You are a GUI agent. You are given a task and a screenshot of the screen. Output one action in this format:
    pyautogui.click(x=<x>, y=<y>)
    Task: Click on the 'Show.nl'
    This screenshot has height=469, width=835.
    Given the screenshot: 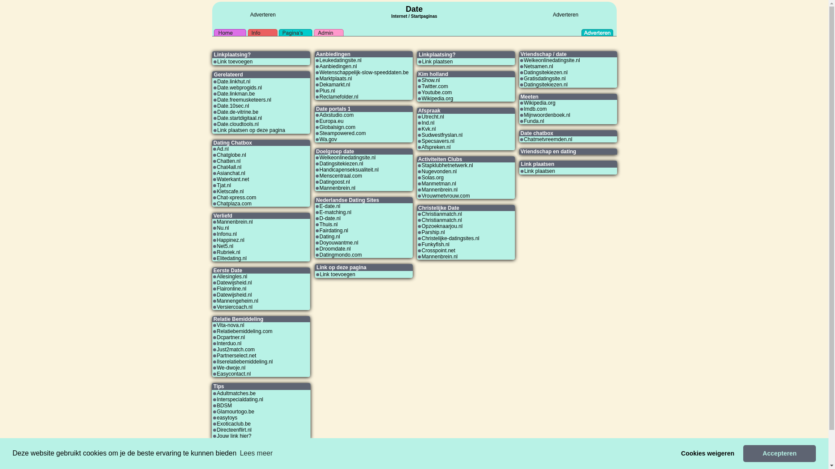 What is the action you would take?
    pyautogui.click(x=421, y=80)
    